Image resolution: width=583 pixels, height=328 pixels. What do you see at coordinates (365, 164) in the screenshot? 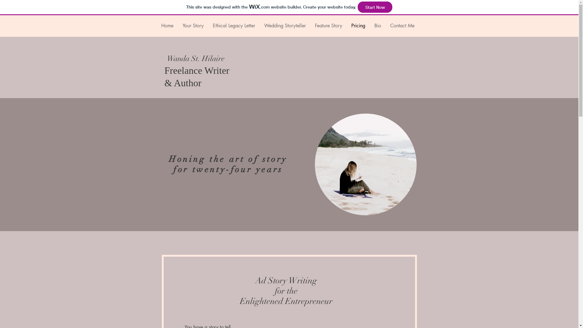
I see `'Working at the Beach'` at bounding box center [365, 164].